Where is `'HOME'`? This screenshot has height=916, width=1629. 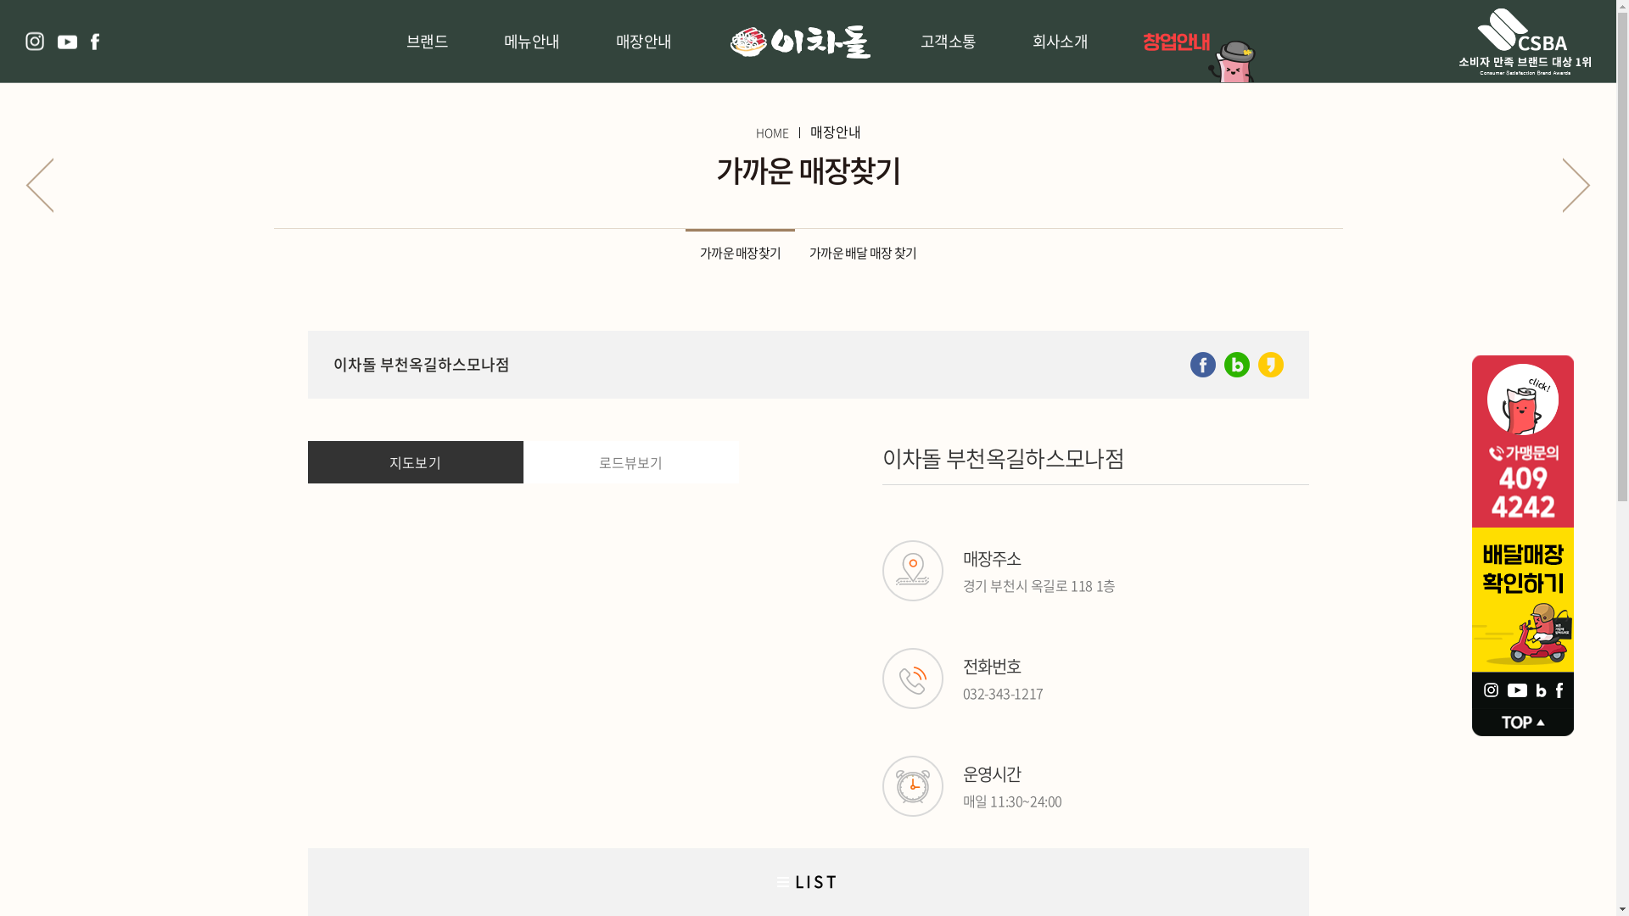 'HOME' is located at coordinates (753, 131).